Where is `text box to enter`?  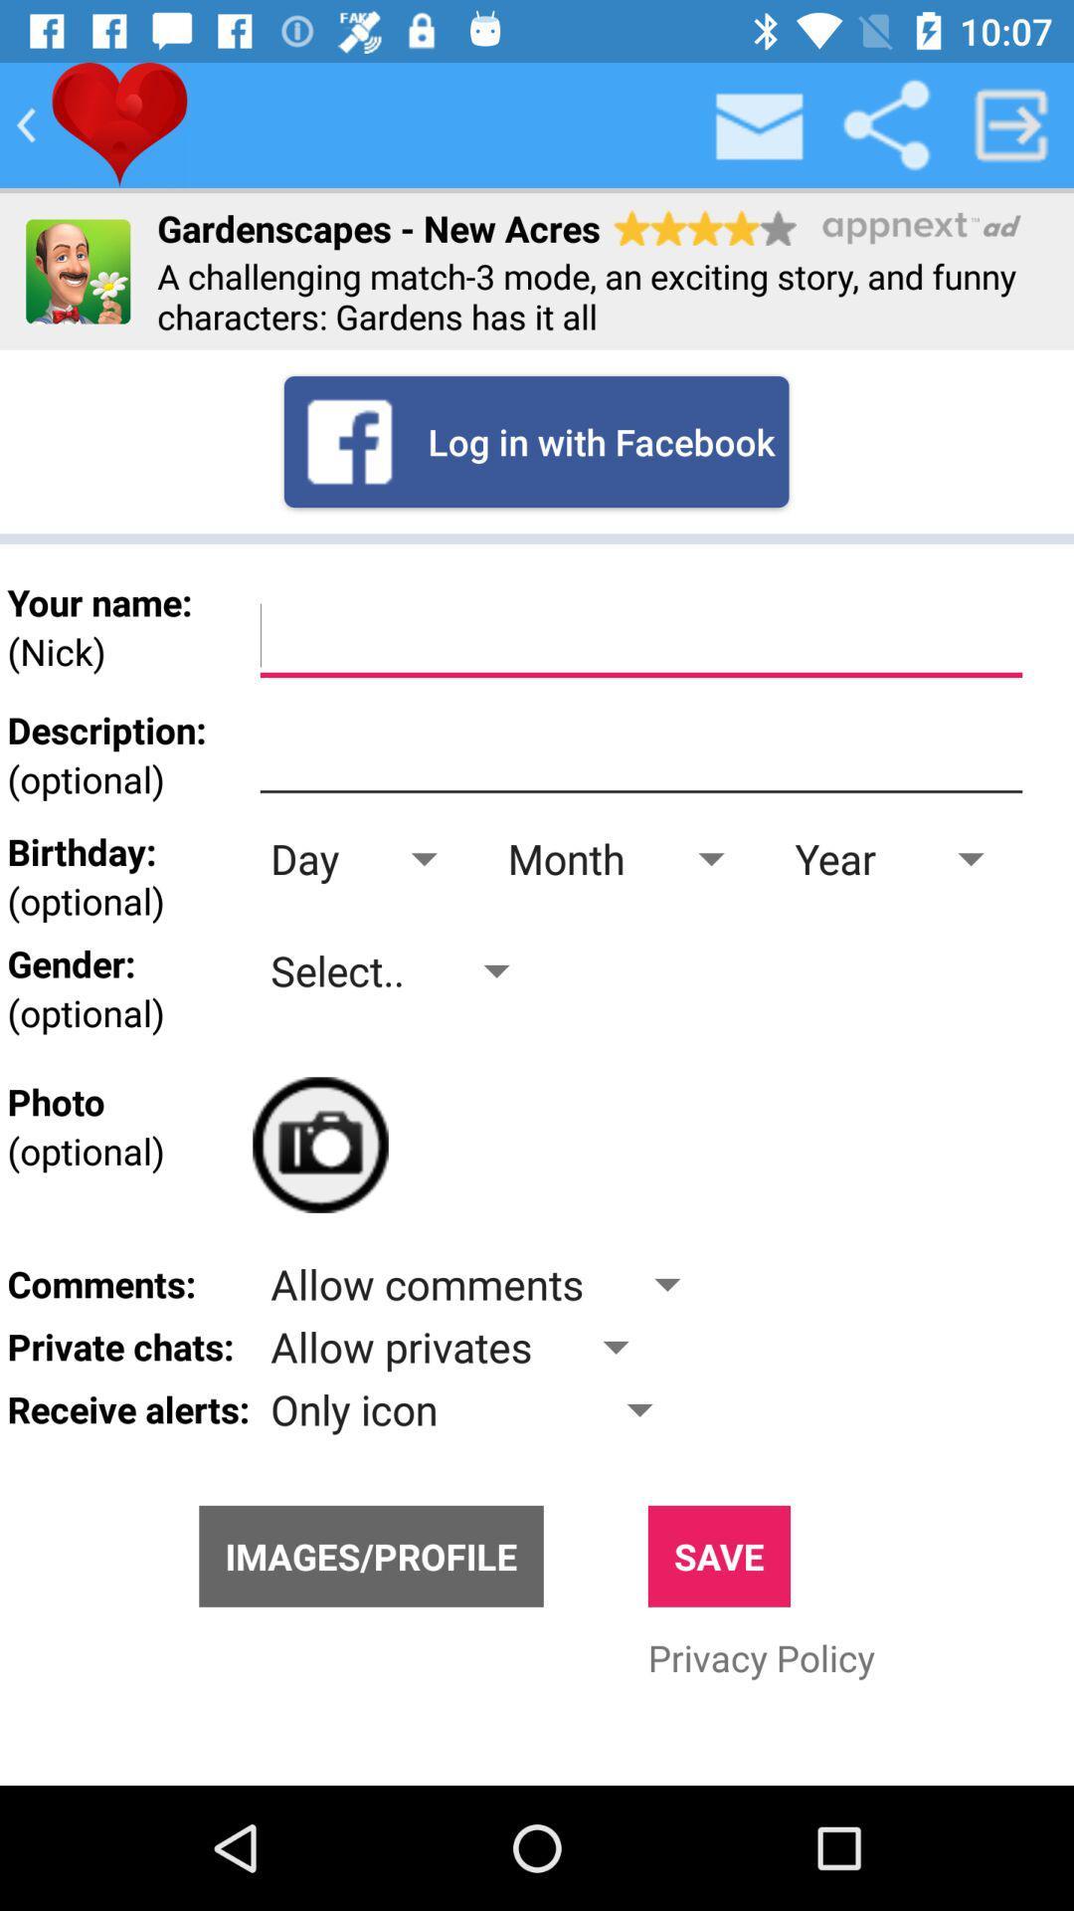 text box to enter is located at coordinates (640, 635).